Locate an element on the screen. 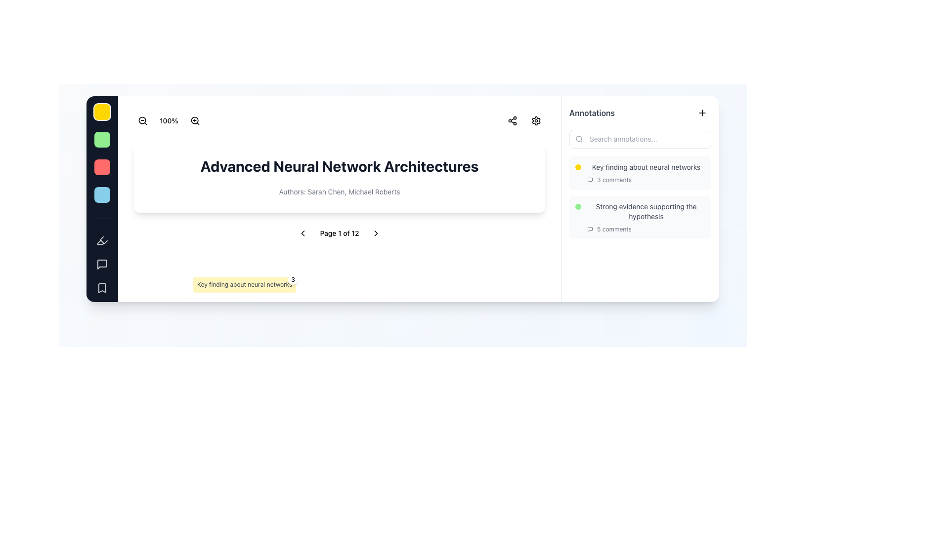  the small, square-shaped icon with rounded corners that resembles a chat or comment icon, located to the left of the text '3 comments' under the 'Annotations' section is located at coordinates (590, 180).